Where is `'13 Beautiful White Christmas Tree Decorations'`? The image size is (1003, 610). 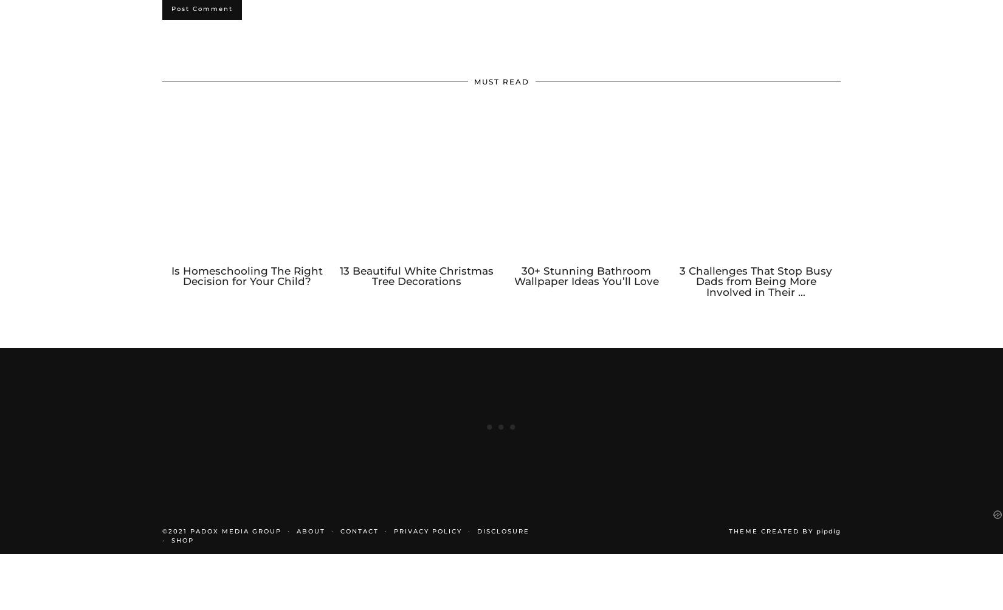 '13 Beautiful White Christmas Tree Decorations' is located at coordinates (416, 287).